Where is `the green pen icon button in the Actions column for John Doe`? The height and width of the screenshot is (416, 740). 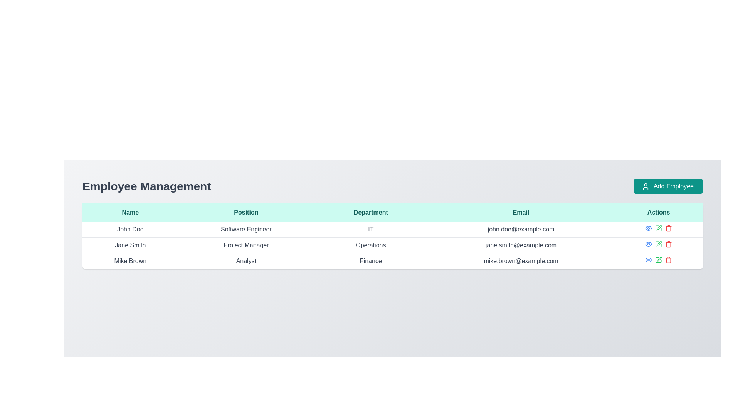
the green pen icon button in the Actions column for John Doe is located at coordinates (658, 228).